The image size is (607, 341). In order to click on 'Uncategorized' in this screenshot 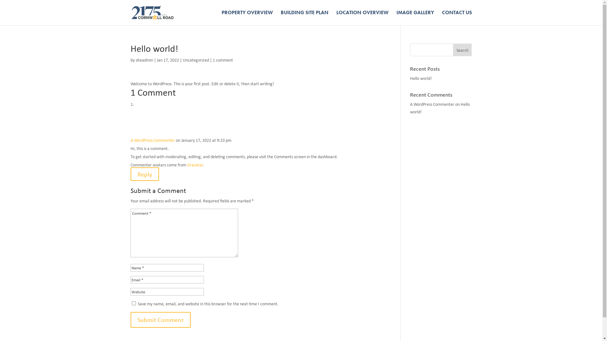, I will do `click(195, 60)`.